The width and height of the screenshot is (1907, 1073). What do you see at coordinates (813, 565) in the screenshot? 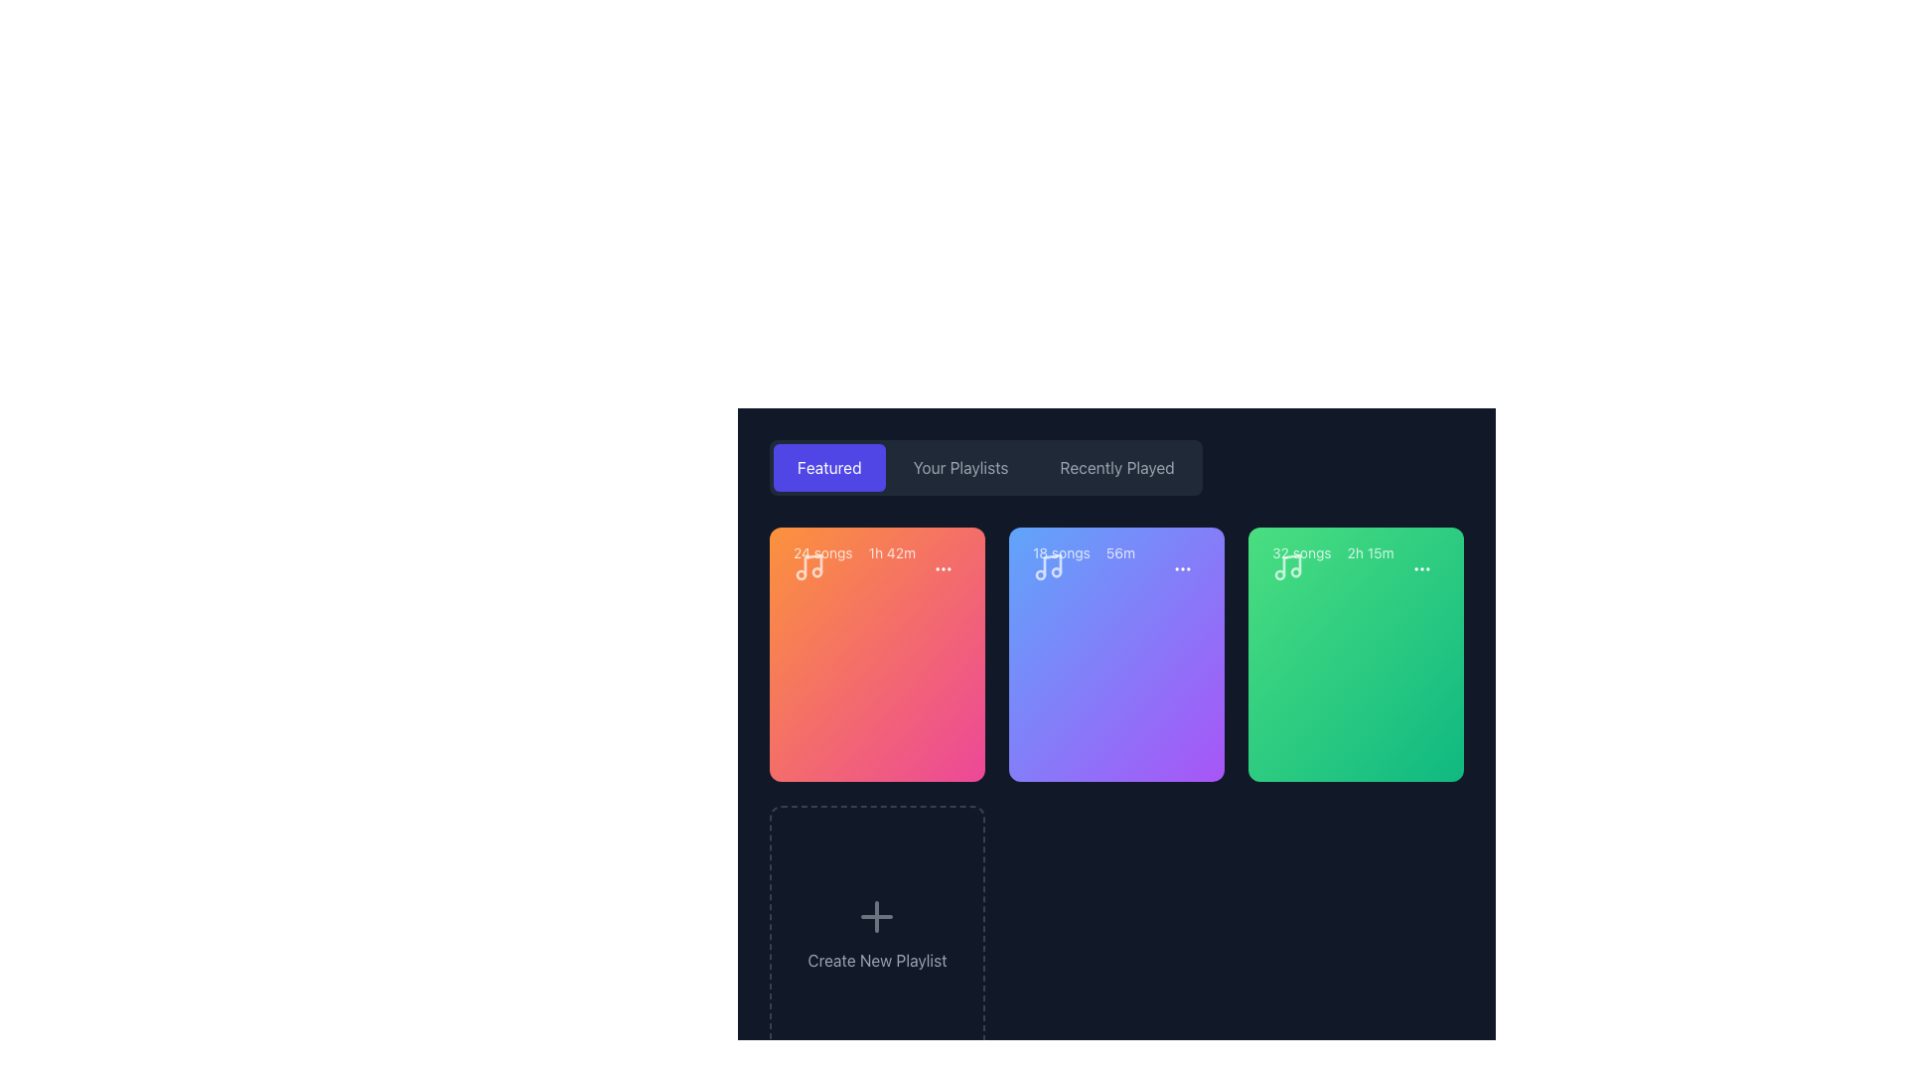
I see `the central vertical line of the music icon located at the top-left corner of the first orange card in the grid of playlist cards` at bounding box center [813, 565].